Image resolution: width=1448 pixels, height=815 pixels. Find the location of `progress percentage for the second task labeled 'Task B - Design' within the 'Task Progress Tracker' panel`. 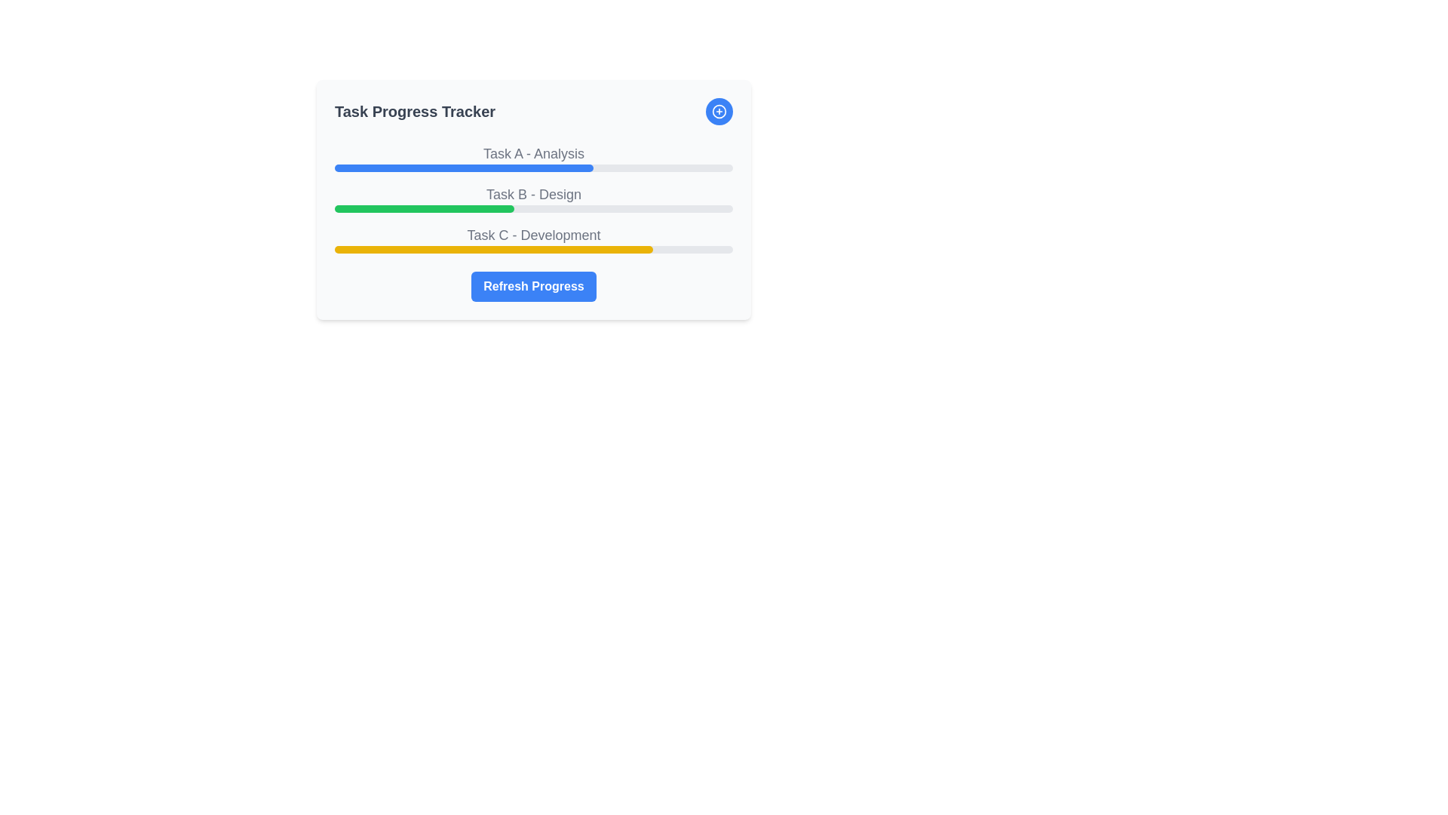

progress percentage for the second task labeled 'Task B - Design' within the 'Task Progress Tracker' panel is located at coordinates (534, 197).